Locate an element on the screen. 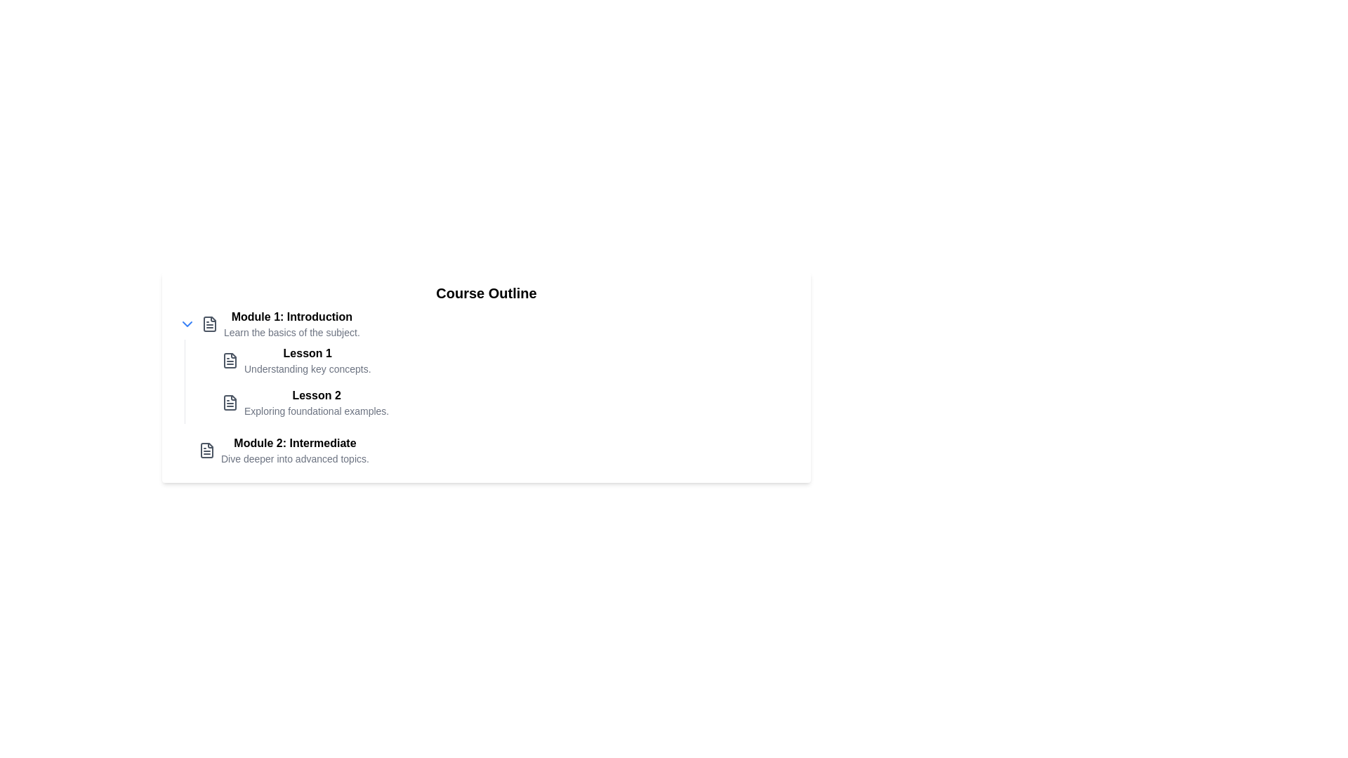  text label representing the title 'Module 2' in the course outline, located in the left section above the description text and below 'Module 1: Introduction' is located at coordinates (294, 444).